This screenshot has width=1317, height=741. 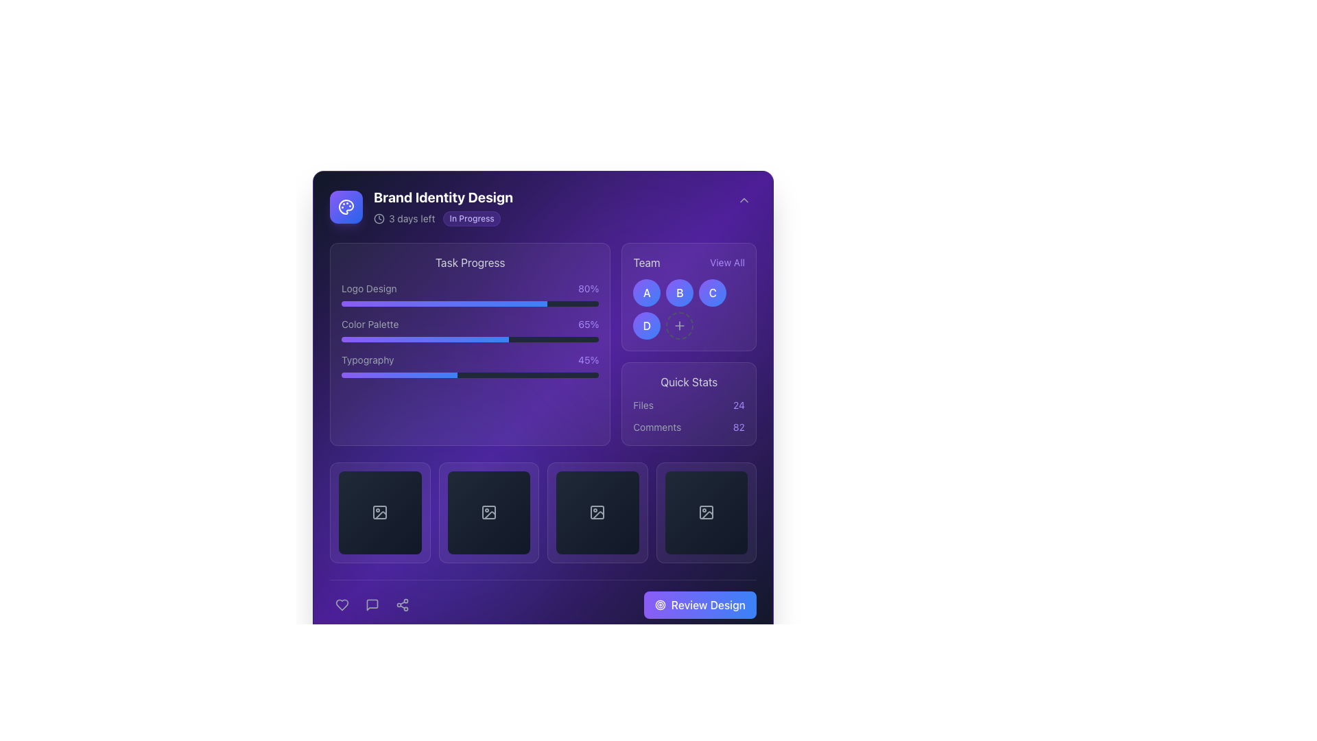 I want to click on the second icon from the left in a row of four icons, which is located within a dark square with rounded corners and a gradient background, so click(x=488, y=513).